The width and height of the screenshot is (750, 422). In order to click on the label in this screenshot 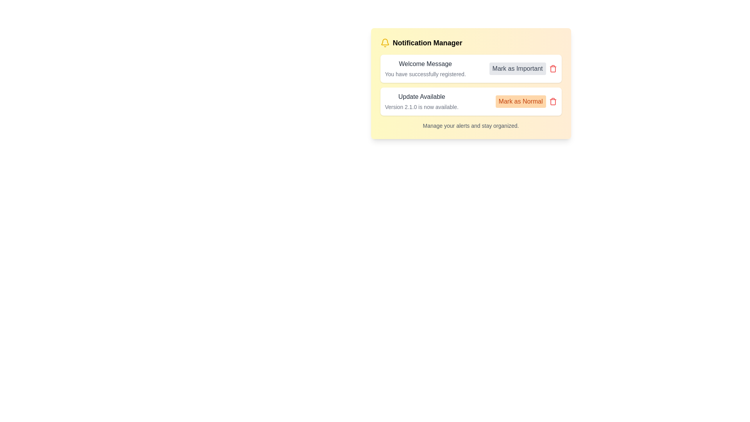, I will do `click(427, 43)`.